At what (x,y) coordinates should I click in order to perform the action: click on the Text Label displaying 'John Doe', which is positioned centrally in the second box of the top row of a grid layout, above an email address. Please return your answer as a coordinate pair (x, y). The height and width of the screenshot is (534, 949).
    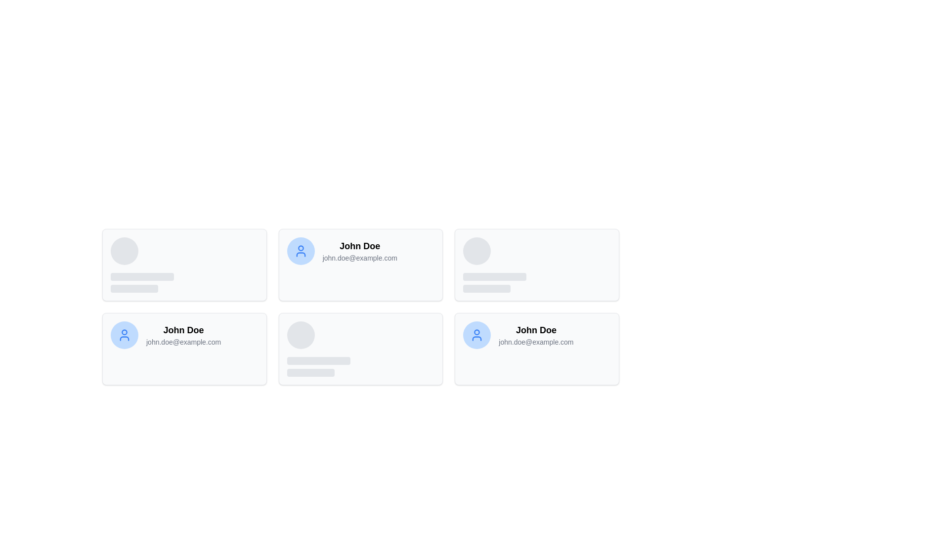
    Looking at the image, I should click on (359, 245).